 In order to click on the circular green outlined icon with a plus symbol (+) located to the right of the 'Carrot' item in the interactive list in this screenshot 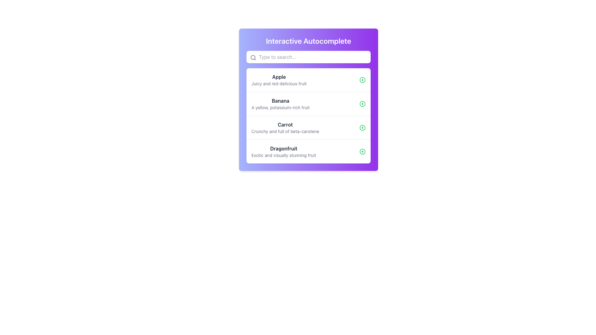, I will do `click(362, 127)`.